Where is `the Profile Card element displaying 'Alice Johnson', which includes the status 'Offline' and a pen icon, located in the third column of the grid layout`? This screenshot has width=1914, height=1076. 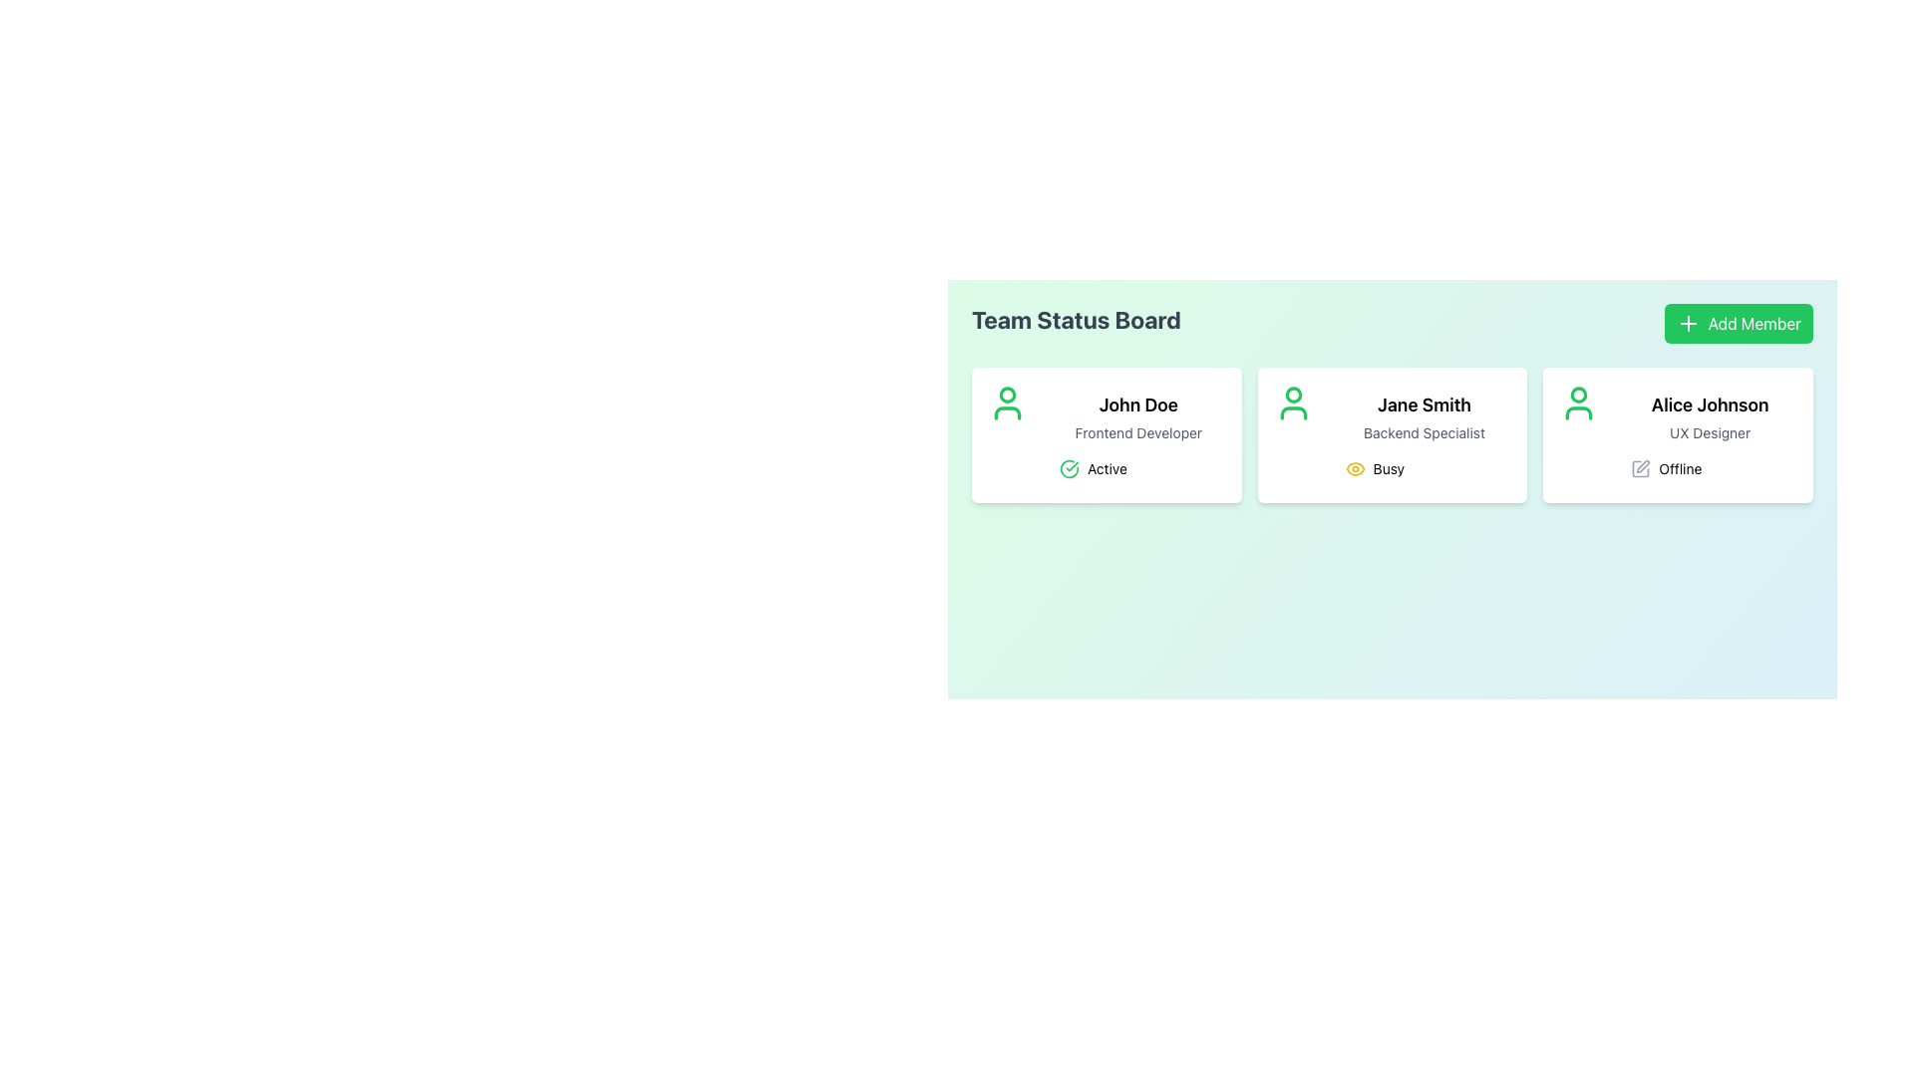 the Profile Card element displaying 'Alice Johnson', which includes the status 'Offline' and a pen icon, located in the third column of the grid layout is located at coordinates (1677, 433).